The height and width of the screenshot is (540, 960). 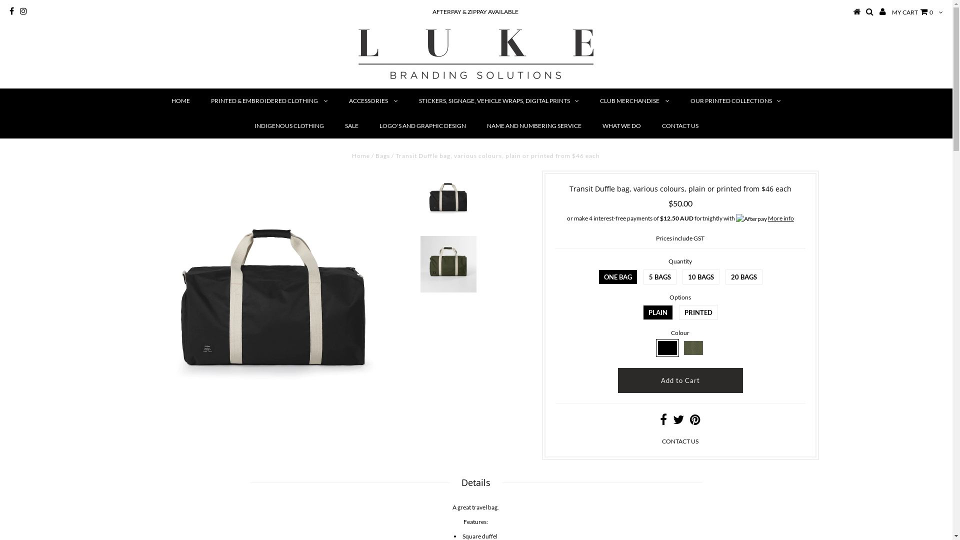 What do you see at coordinates (499, 100) in the screenshot?
I see `'STICKERS, SIGNAGE, VEHICLE WRAPS, DIGITAL PRINTS'` at bounding box center [499, 100].